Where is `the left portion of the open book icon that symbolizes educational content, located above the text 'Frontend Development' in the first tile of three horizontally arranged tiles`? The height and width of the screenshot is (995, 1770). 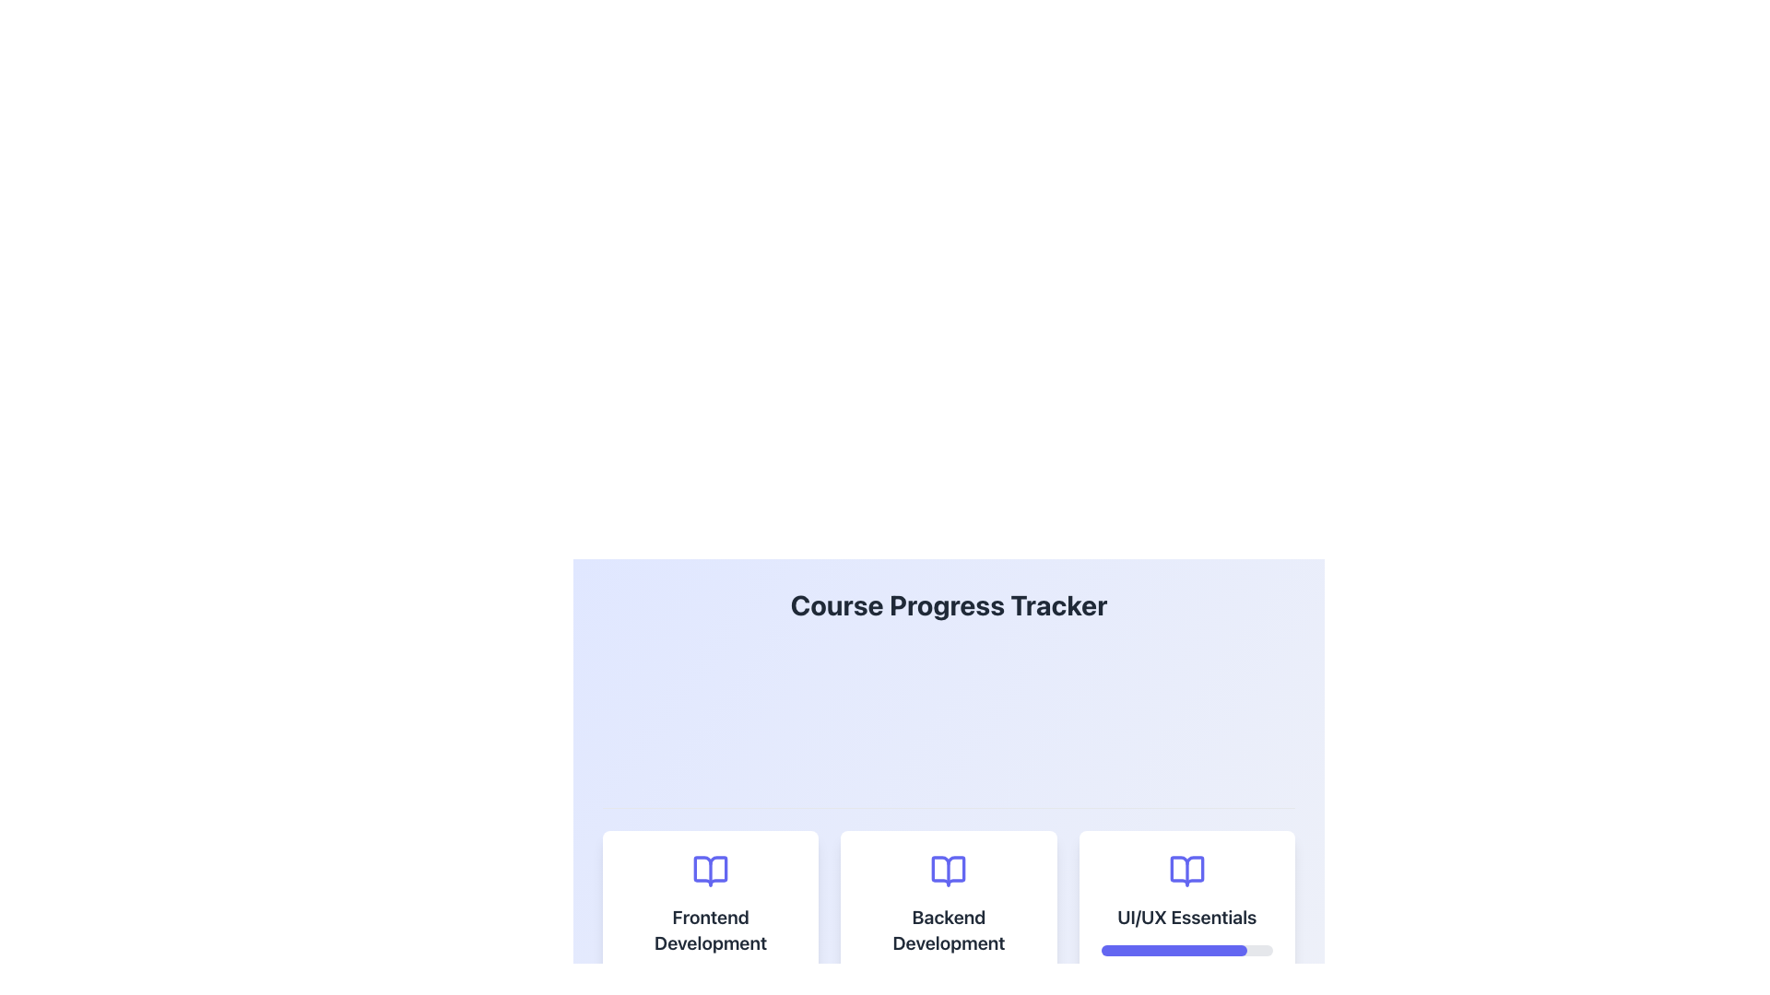
the left portion of the open book icon that symbolizes educational content, located above the text 'Frontend Development' in the first tile of three horizontally arranged tiles is located at coordinates (710, 871).